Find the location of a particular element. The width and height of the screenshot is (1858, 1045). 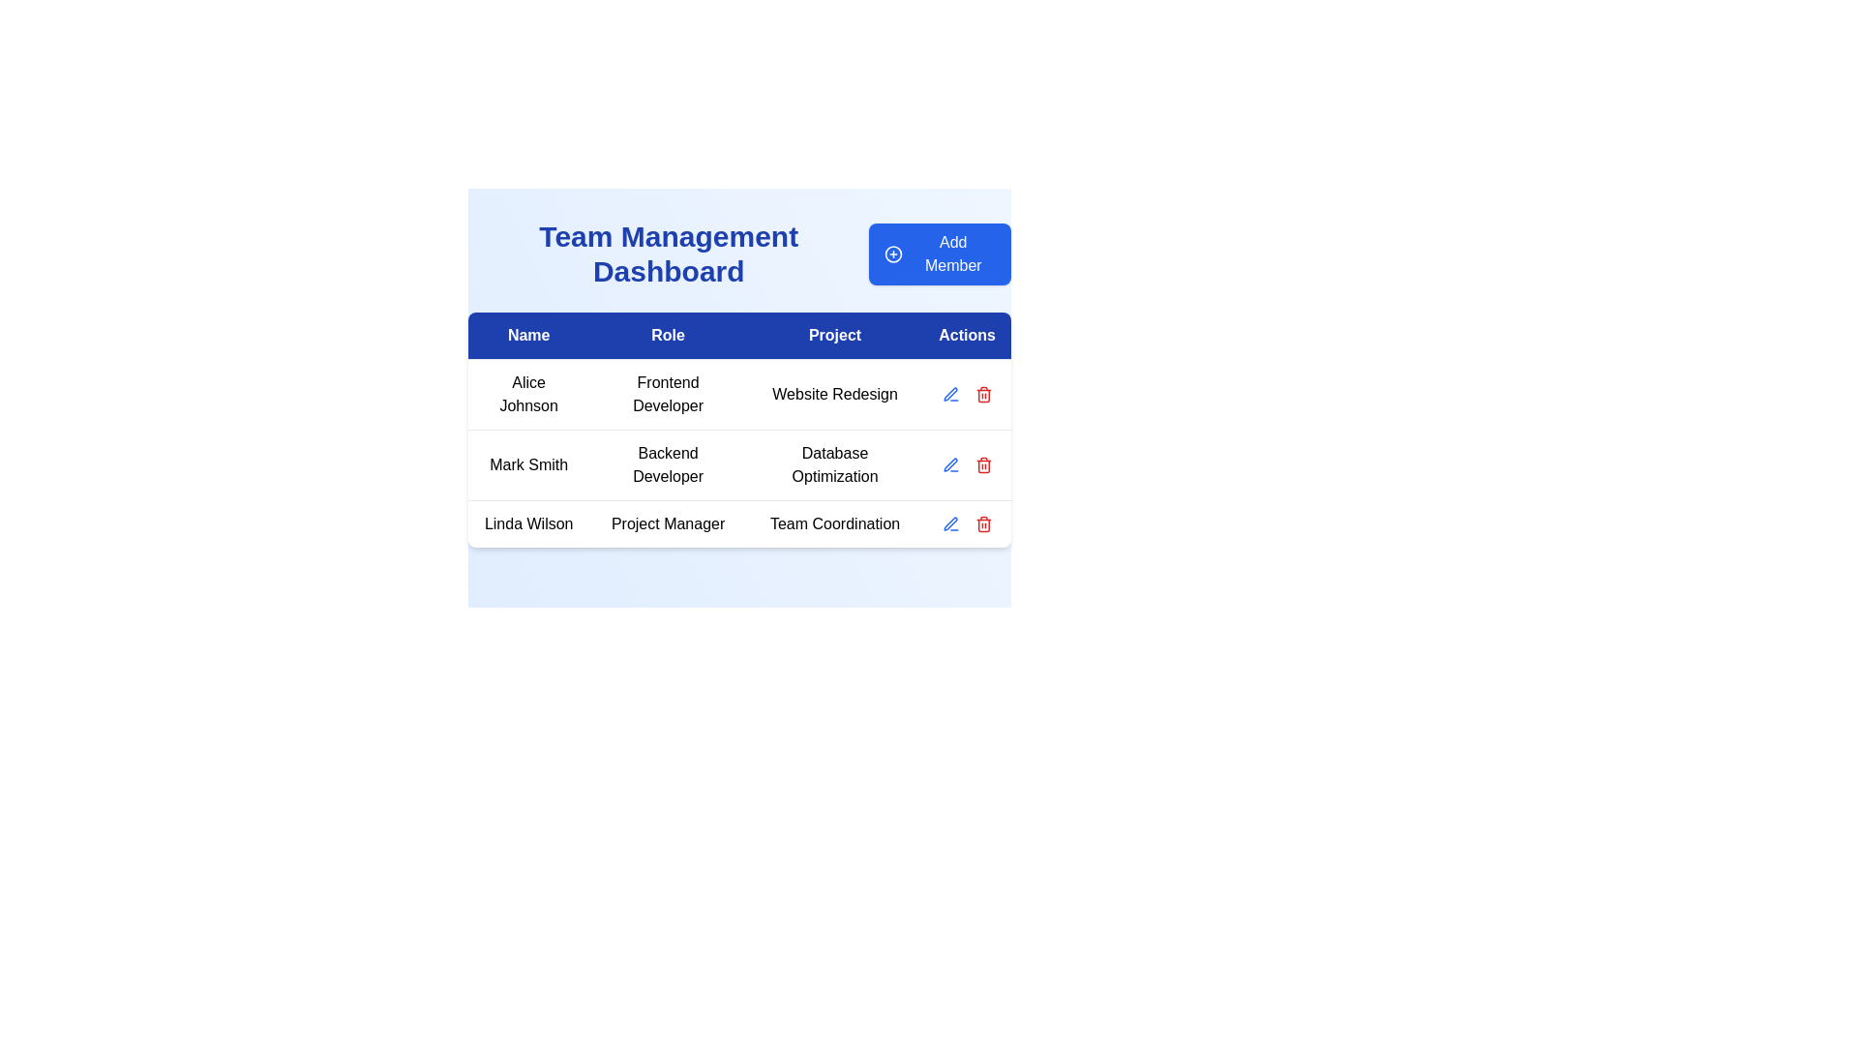

the red trash can icon in the fourth cell of the 'Actions' column associated with 'Alice Johnson' is located at coordinates (967, 394).